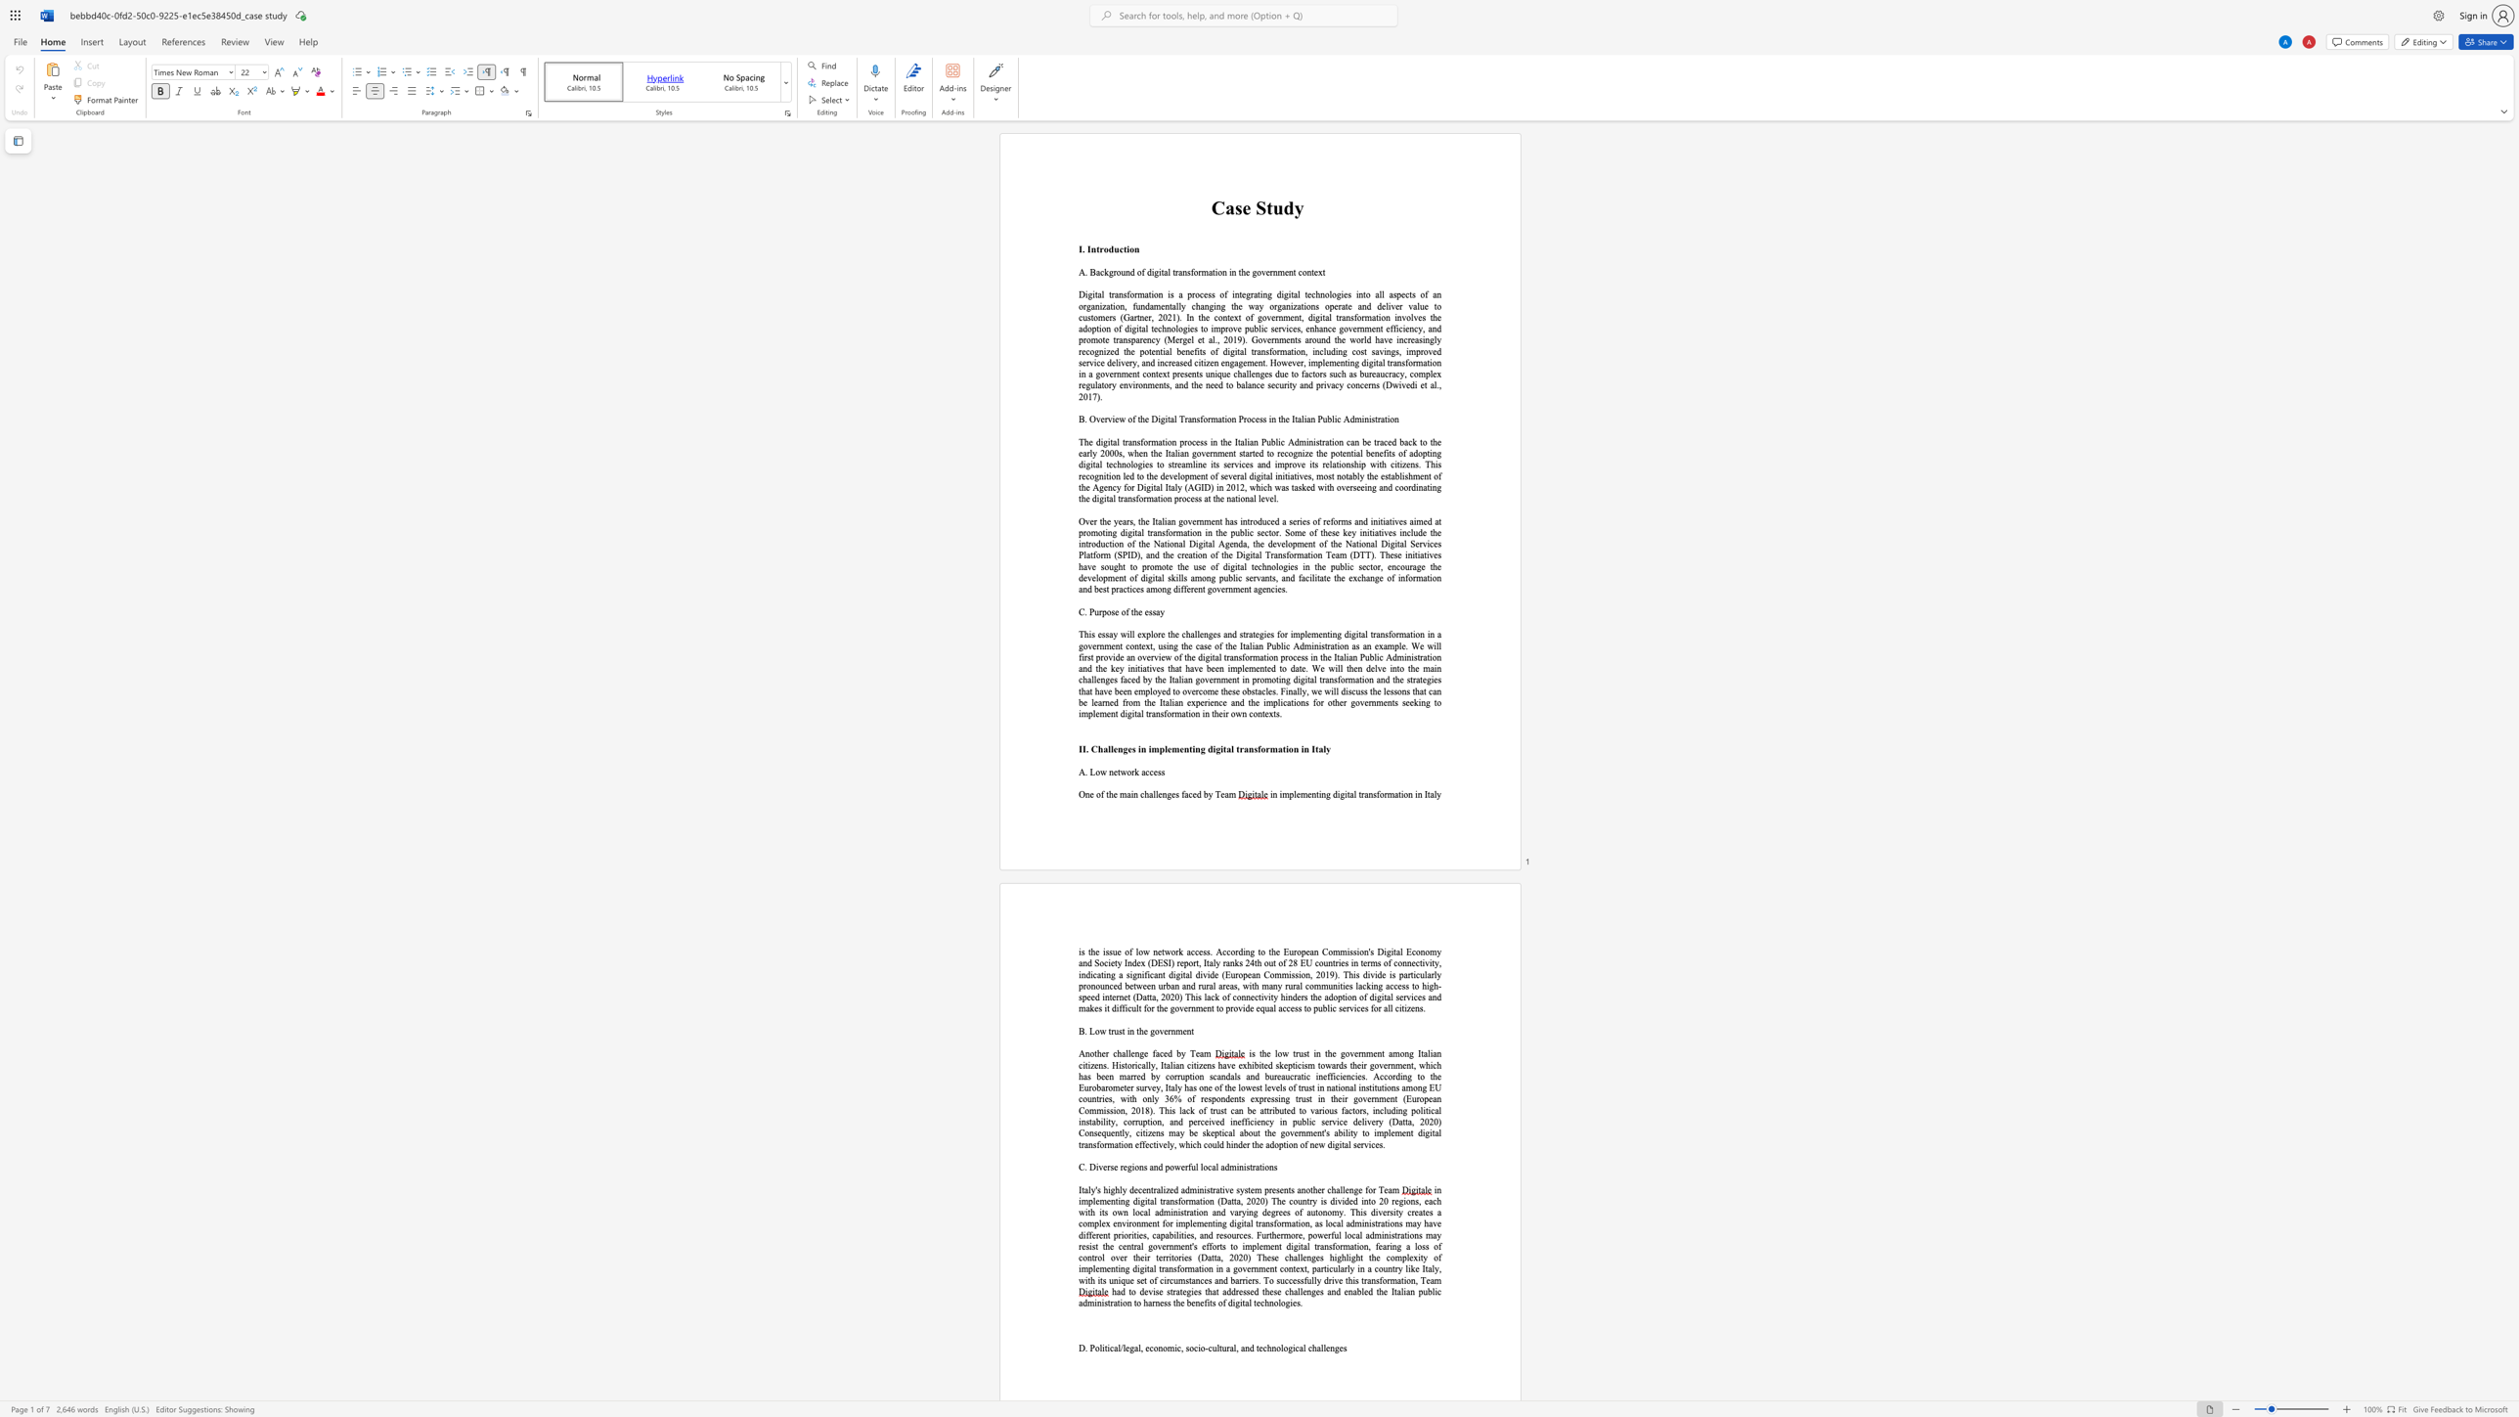 The image size is (2519, 1417). I want to click on the subset text "or" within the text "various factors", so click(1353, 1109).